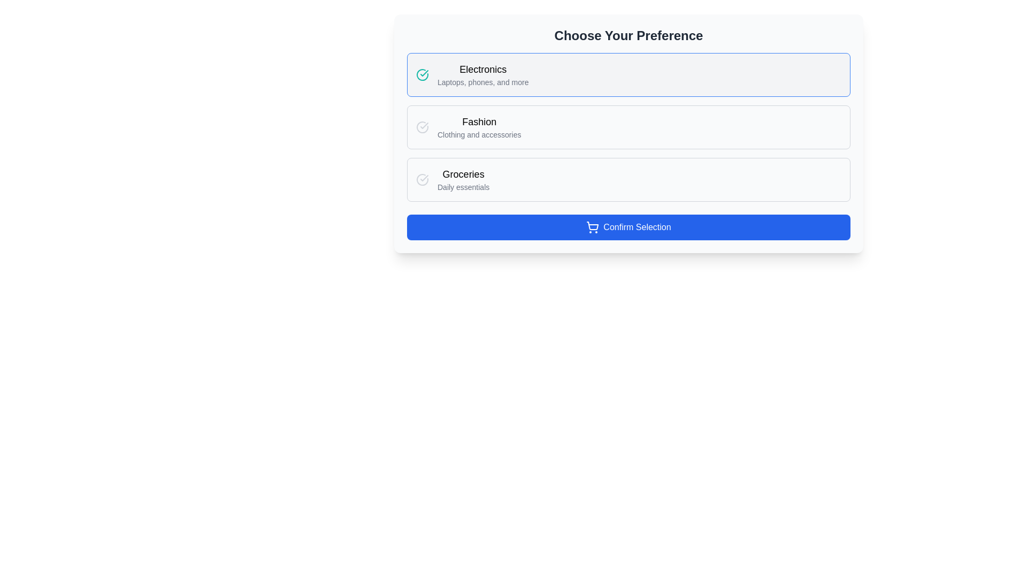  I want to click on the confirmation button located at the bottom of the interface, centered horizontally, next to the shopping cart icon to indicate intent, so click(637, 226).